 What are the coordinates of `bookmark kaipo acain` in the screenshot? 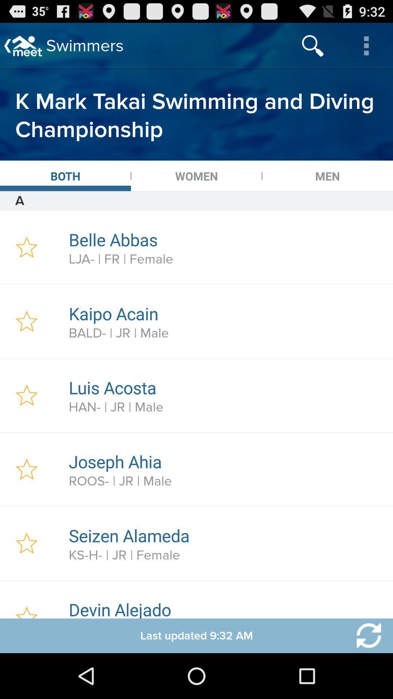 It's located at (26, 321).